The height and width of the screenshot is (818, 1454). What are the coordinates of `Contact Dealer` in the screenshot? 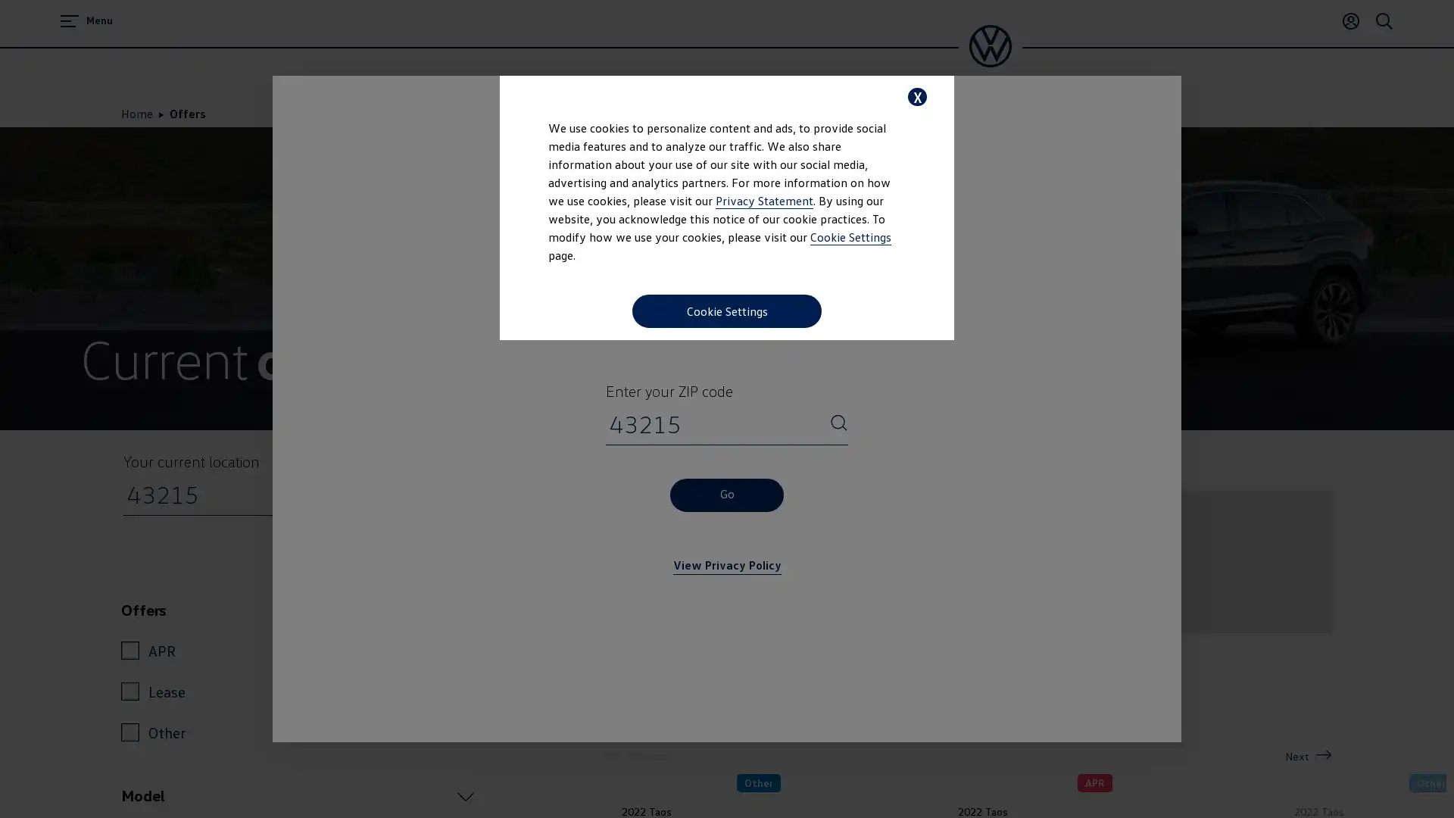 It's located at (1035, 704).